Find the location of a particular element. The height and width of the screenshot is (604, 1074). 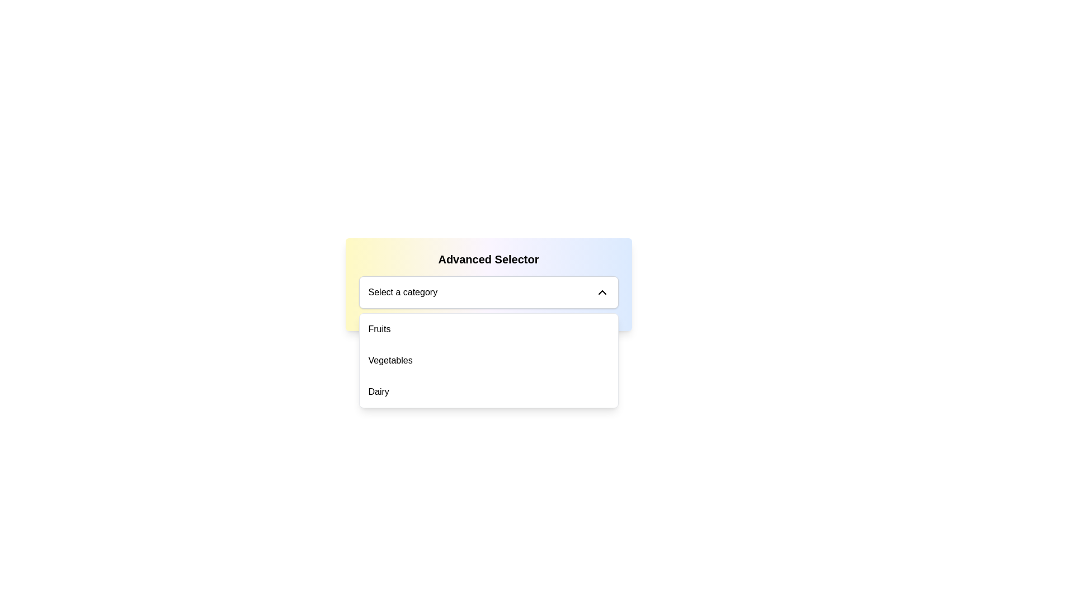

assistive technology is located at coordinates (403, 292).